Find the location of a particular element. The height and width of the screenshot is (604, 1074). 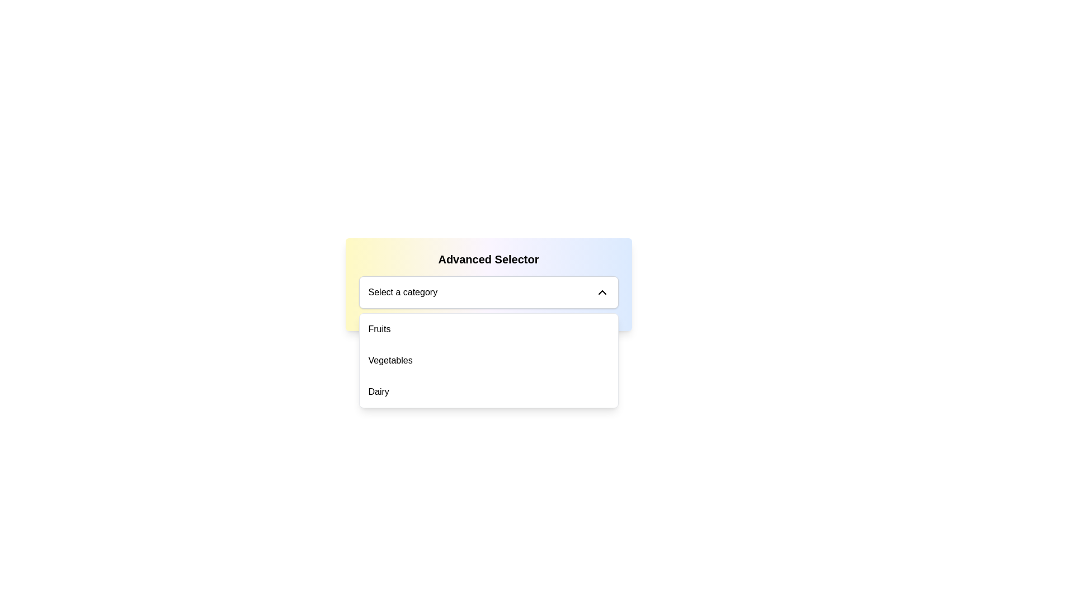

assistive technology is located at coordinates (403, 292).